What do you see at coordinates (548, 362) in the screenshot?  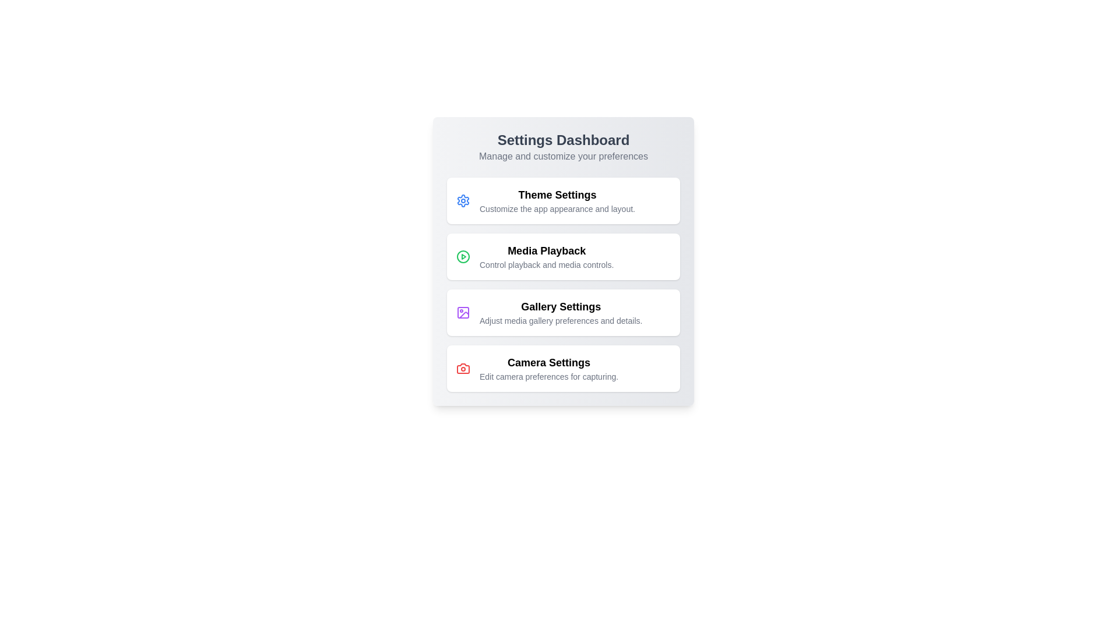 I see `the 'Camera Settings' text label, which is a bold and larger font section heading located at the bottom of the vertical settings menu` at bounding box center [548, 362].